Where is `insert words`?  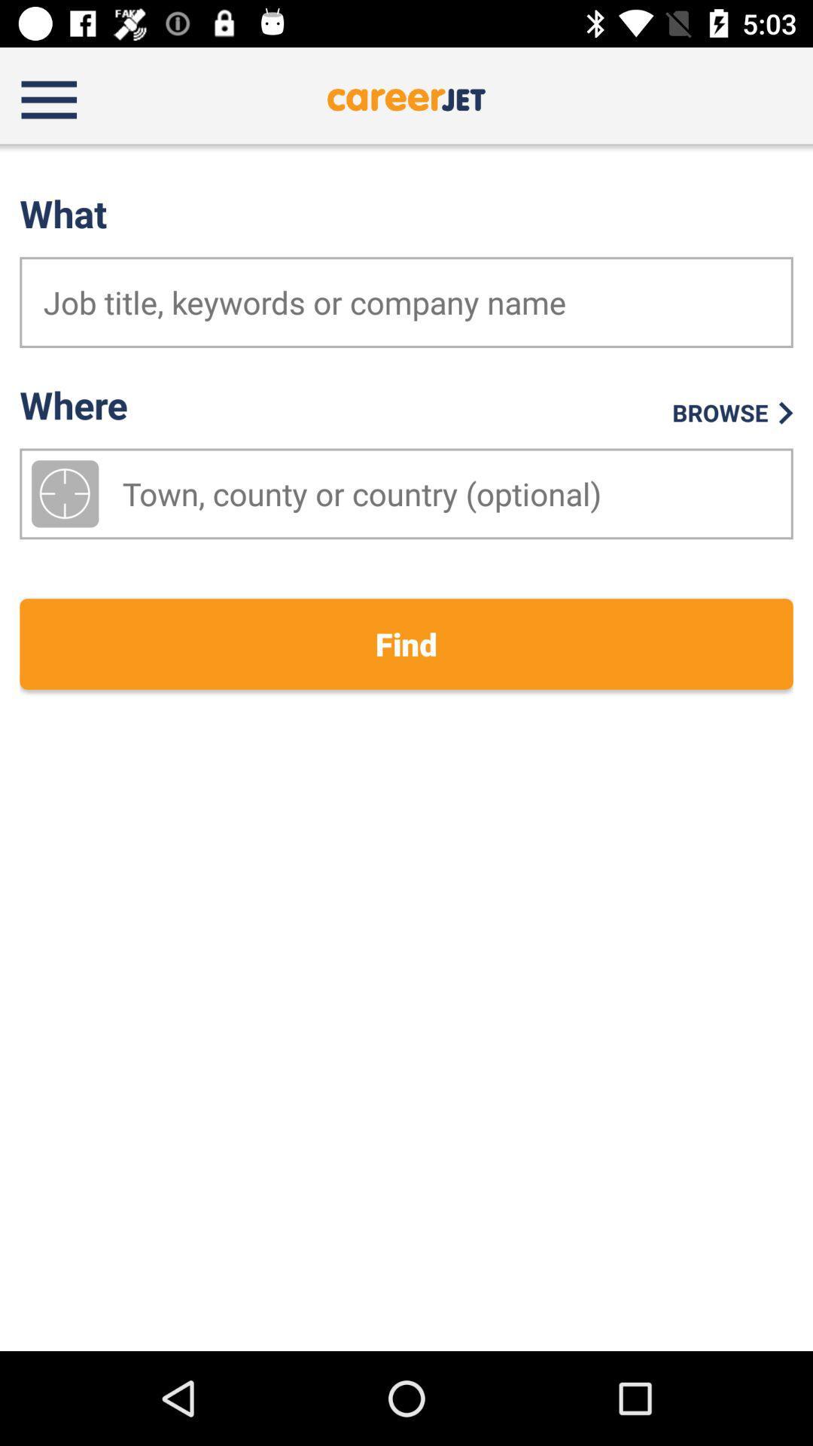 insert words is located at coordinates (406, 301).